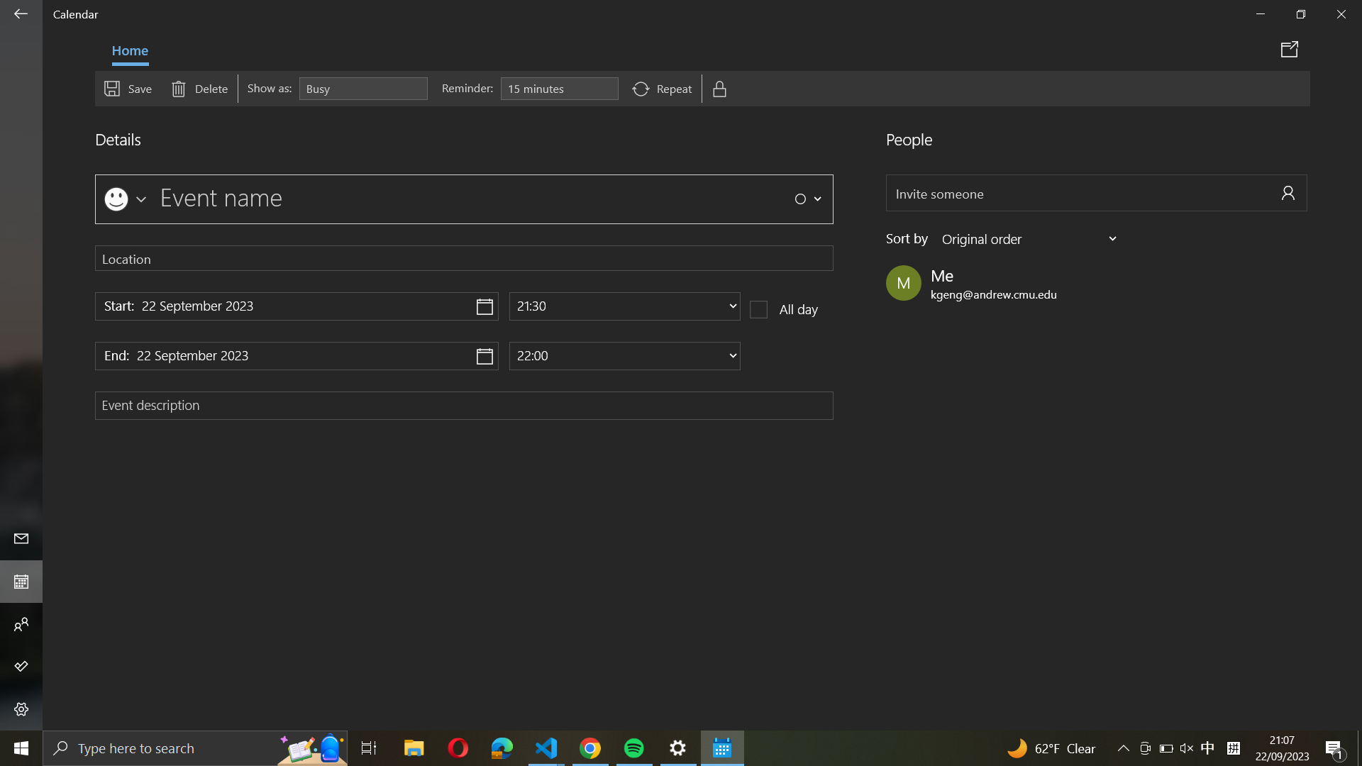 Image resolution: width=1362 pixels, height=766 pixels. What do you see at coordinates (1096, 193) in the screenshot?
I see `Invite "abc@example.com" to join the scheduled event` at bounding box center [1096, 193].